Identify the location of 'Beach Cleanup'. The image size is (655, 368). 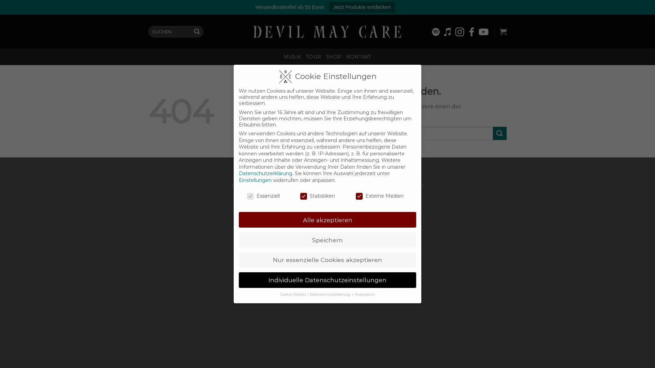
(405, 185).